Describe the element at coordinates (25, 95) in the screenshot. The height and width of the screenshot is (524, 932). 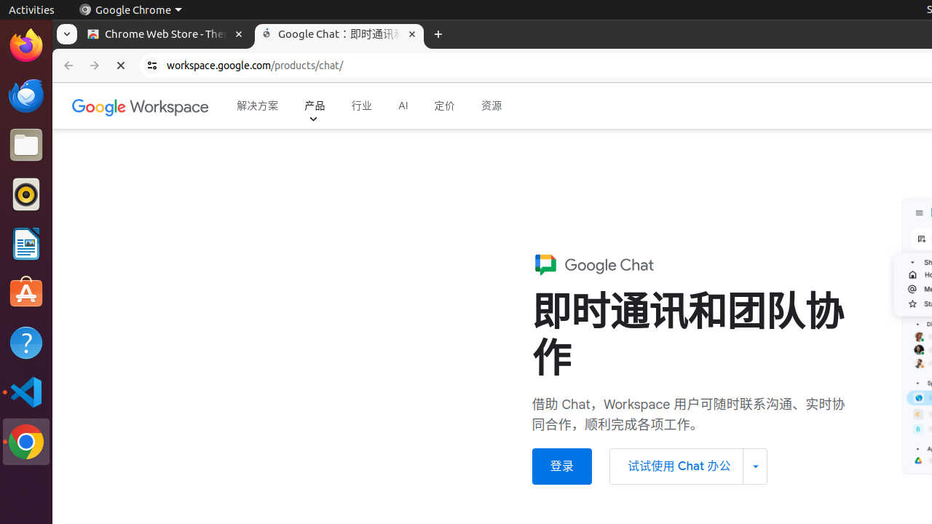
I see `'Thunderbird Mail'` at that location.